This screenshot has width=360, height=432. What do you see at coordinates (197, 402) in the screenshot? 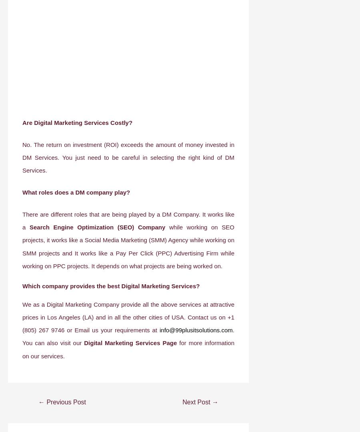
I see `'Next Post'` at bounding box center [197, 402].